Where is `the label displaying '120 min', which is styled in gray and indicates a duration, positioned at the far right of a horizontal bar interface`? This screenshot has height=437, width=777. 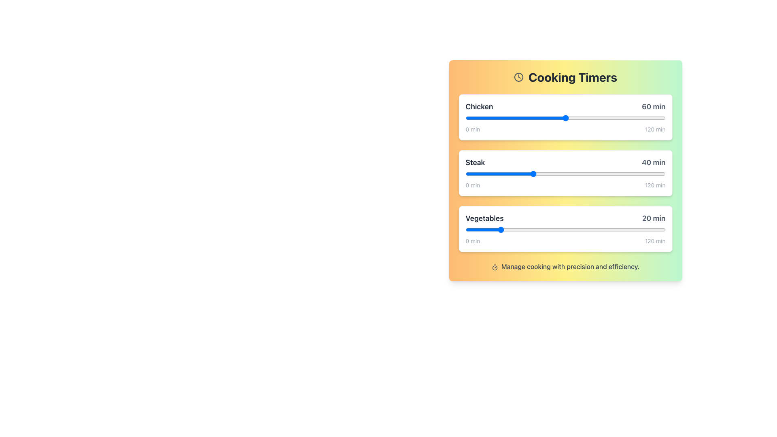 the label displaying '120 min', which is styled in gray and indicates a duration, positioned at the far right of a horizontal bar interface is located at coordinates (655, 129).